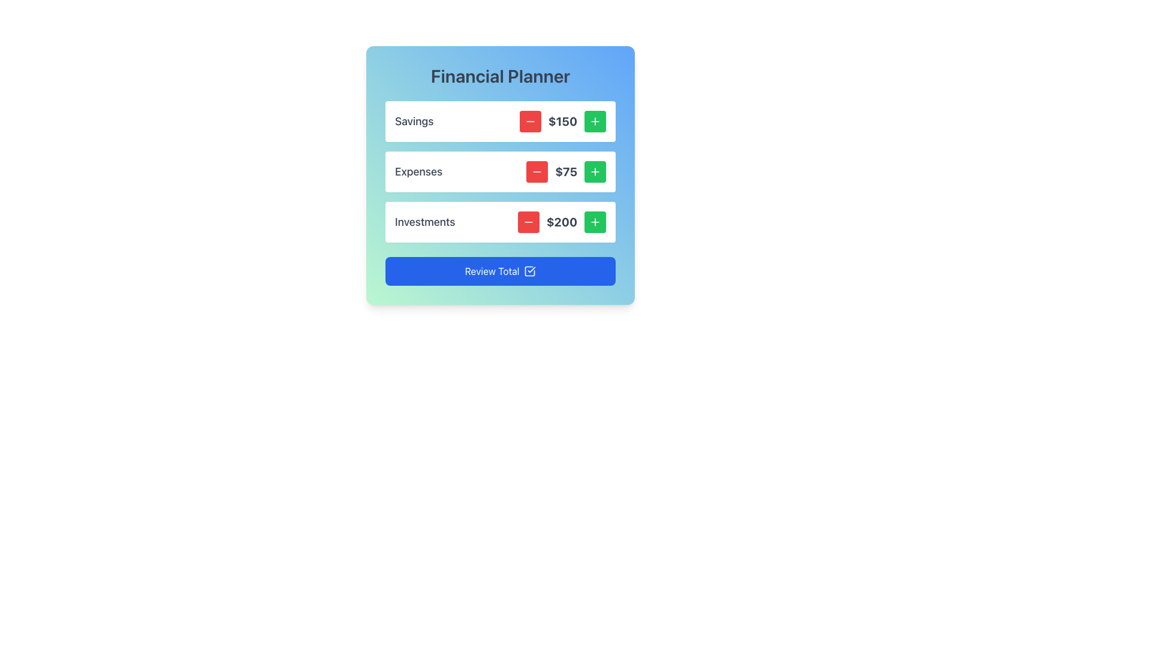 This screenshot has height=647, width=1151. Describe the element at coordinates (529, 122) in the screenshot. I see `the decrement button located to the left of the '$150' savings value to reduce the corresponding amount` at that location.